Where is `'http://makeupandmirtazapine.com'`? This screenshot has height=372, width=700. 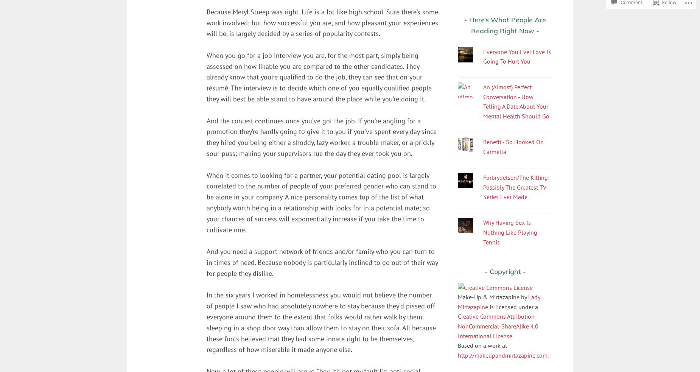
'http://makeupandmirtazapine.com' is located at coordinates (502, 355).